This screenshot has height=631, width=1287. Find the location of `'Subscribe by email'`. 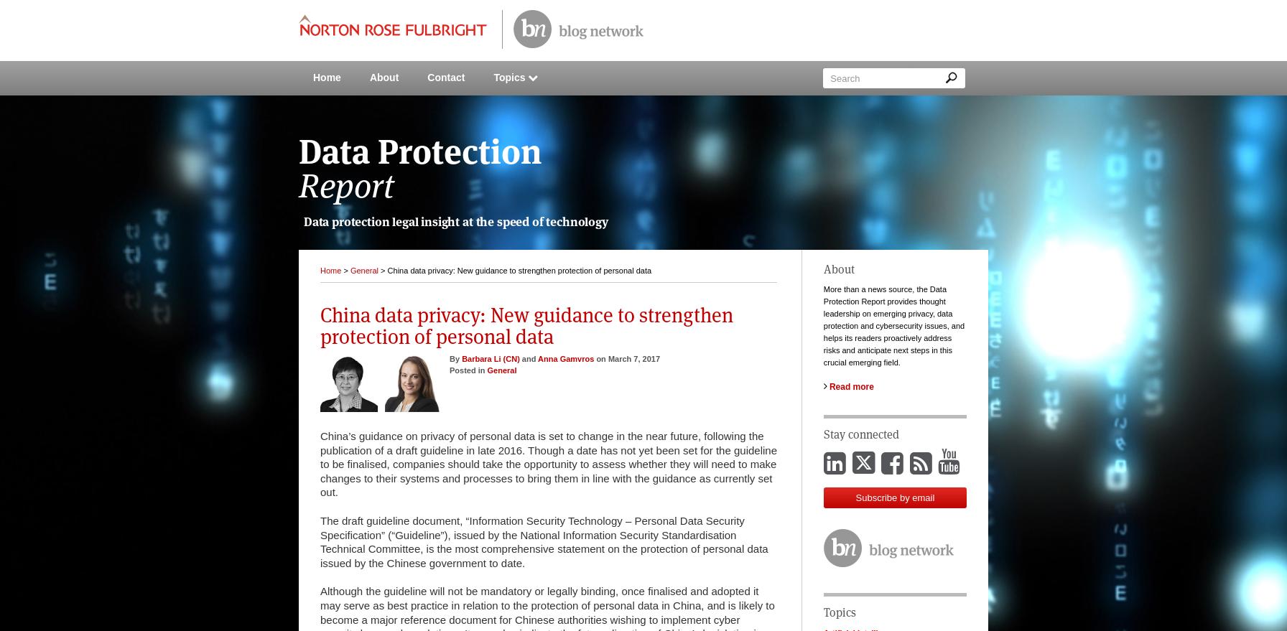

'Subscribe by email' is located at coordinates (894, 497).